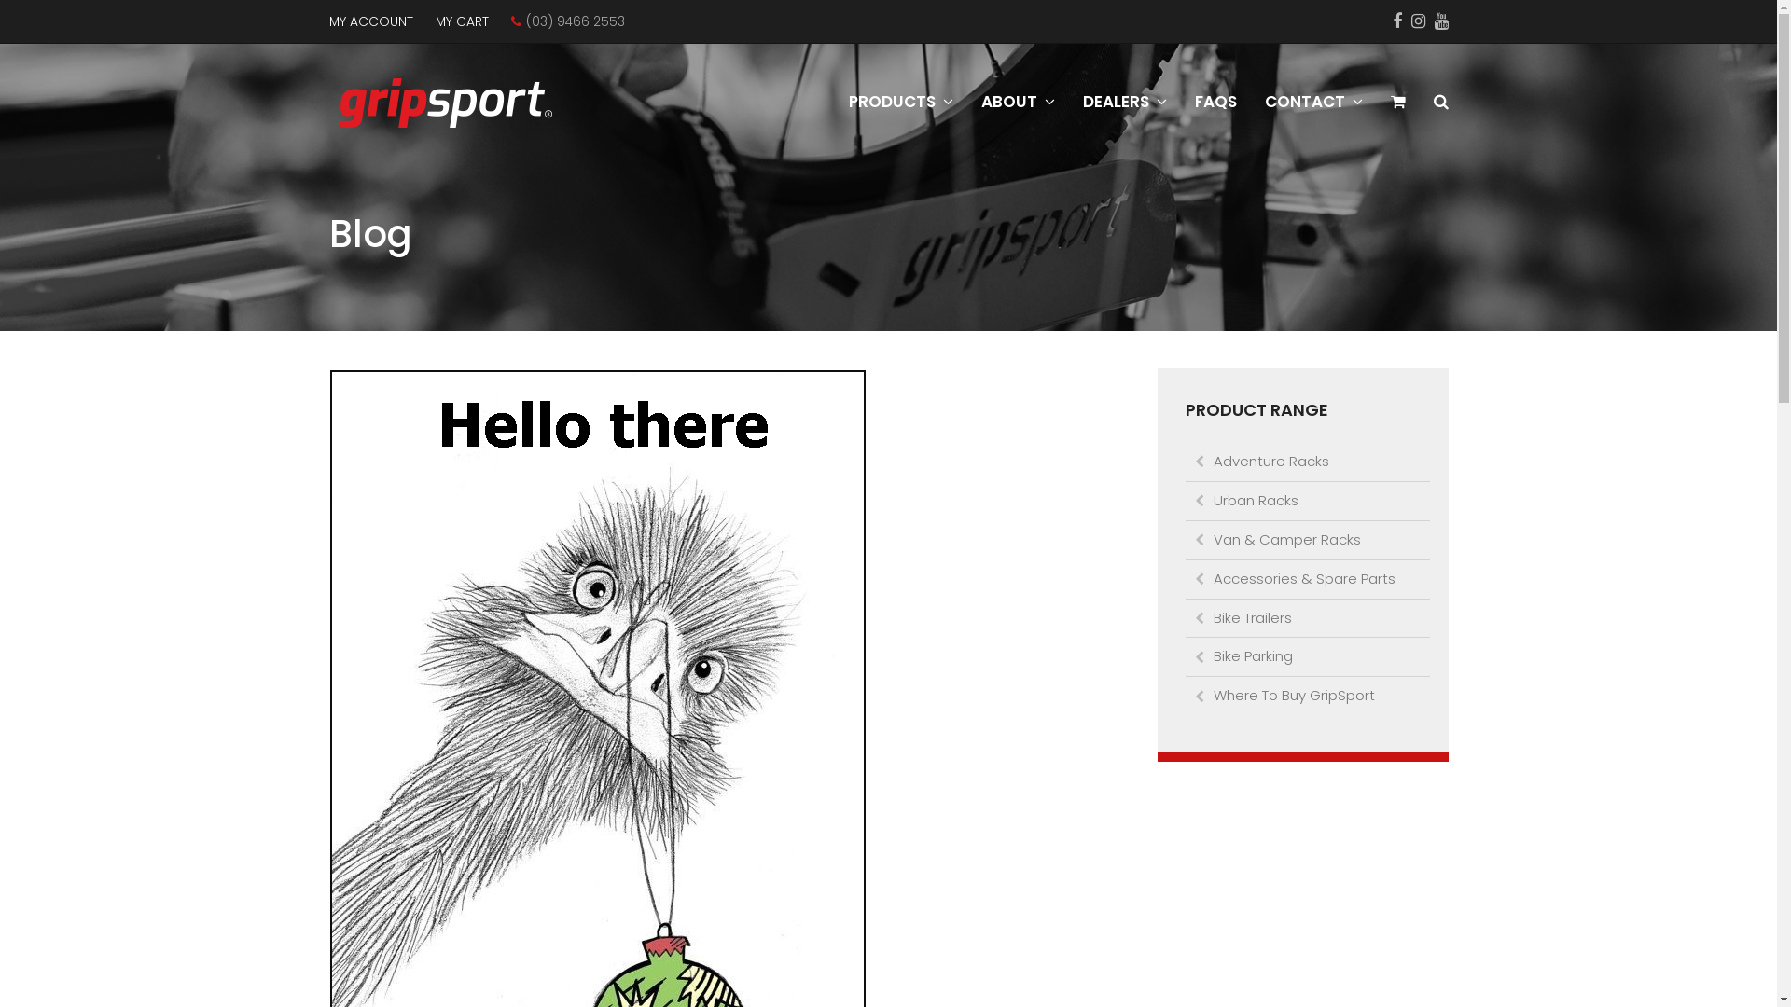  I want to click on 'FAQS', so click(1215, 103).